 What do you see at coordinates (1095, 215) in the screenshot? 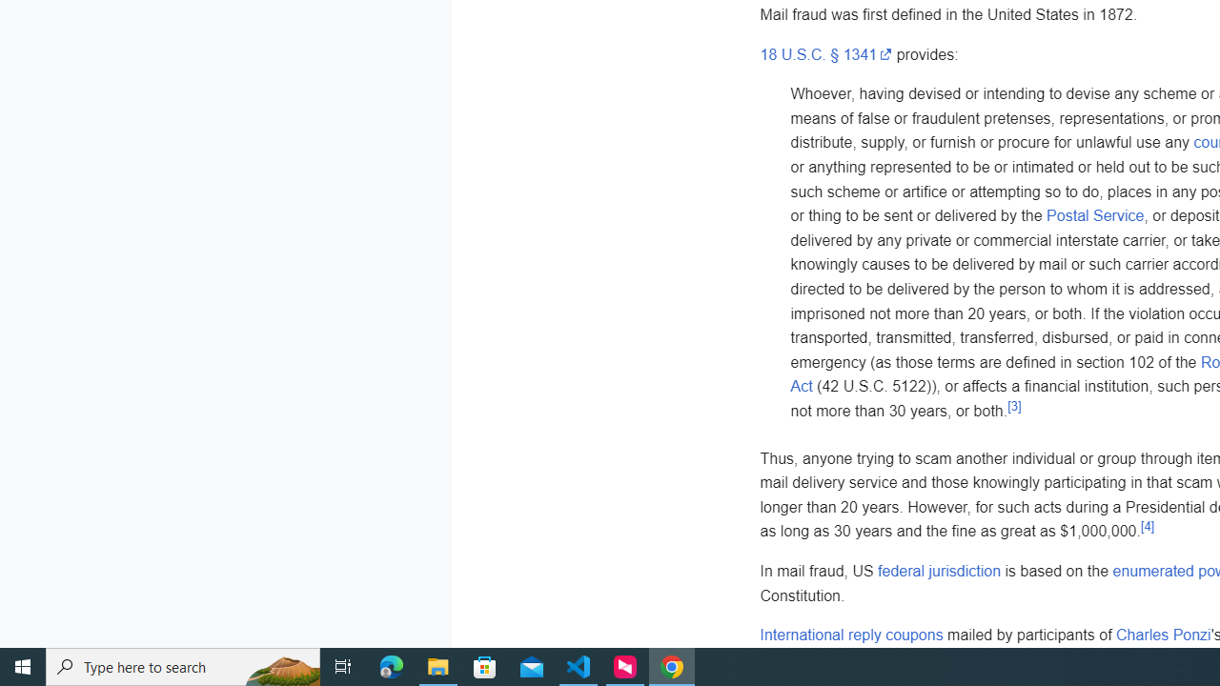
I see `'Postal Service'` at bounding box center [1095, 215].